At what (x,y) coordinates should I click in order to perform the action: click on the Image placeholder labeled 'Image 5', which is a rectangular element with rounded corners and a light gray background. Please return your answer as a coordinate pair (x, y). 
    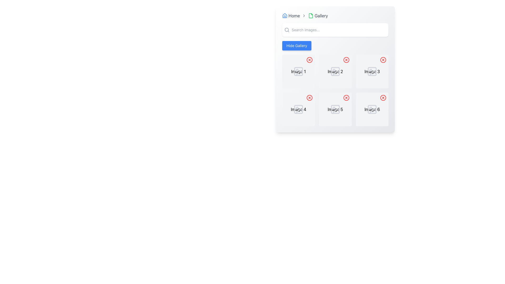
    Looking at the image, I should click on (335, 109).